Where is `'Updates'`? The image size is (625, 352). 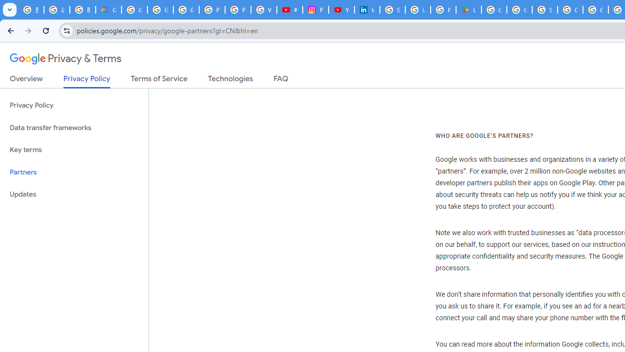
'Updates' is located at coordinates (74, 195).